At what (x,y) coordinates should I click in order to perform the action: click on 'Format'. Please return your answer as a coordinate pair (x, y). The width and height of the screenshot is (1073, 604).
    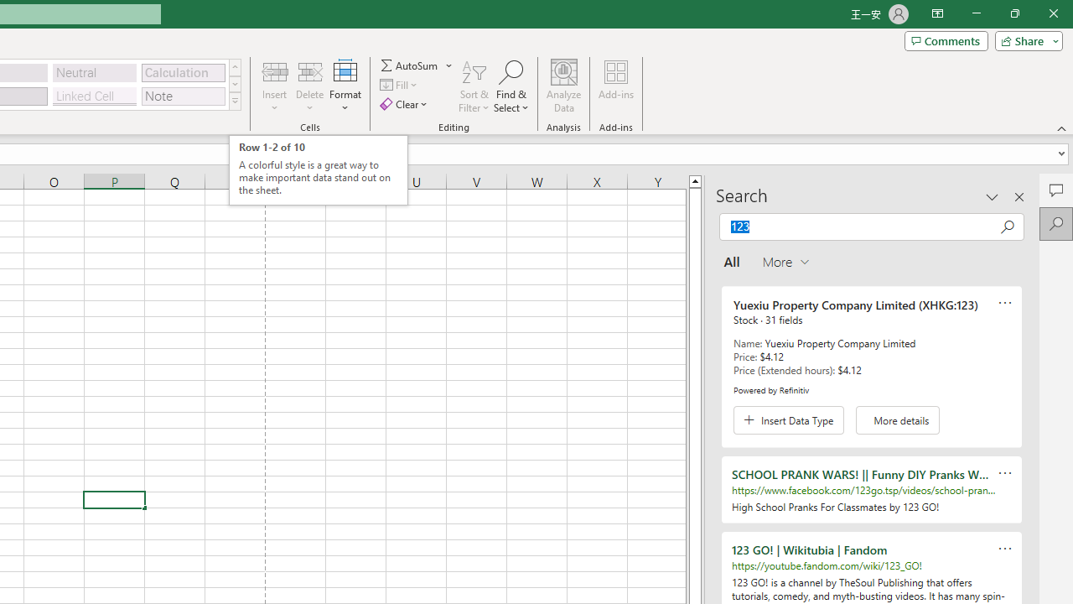
    Looking at the image, I should click on (345, 86).